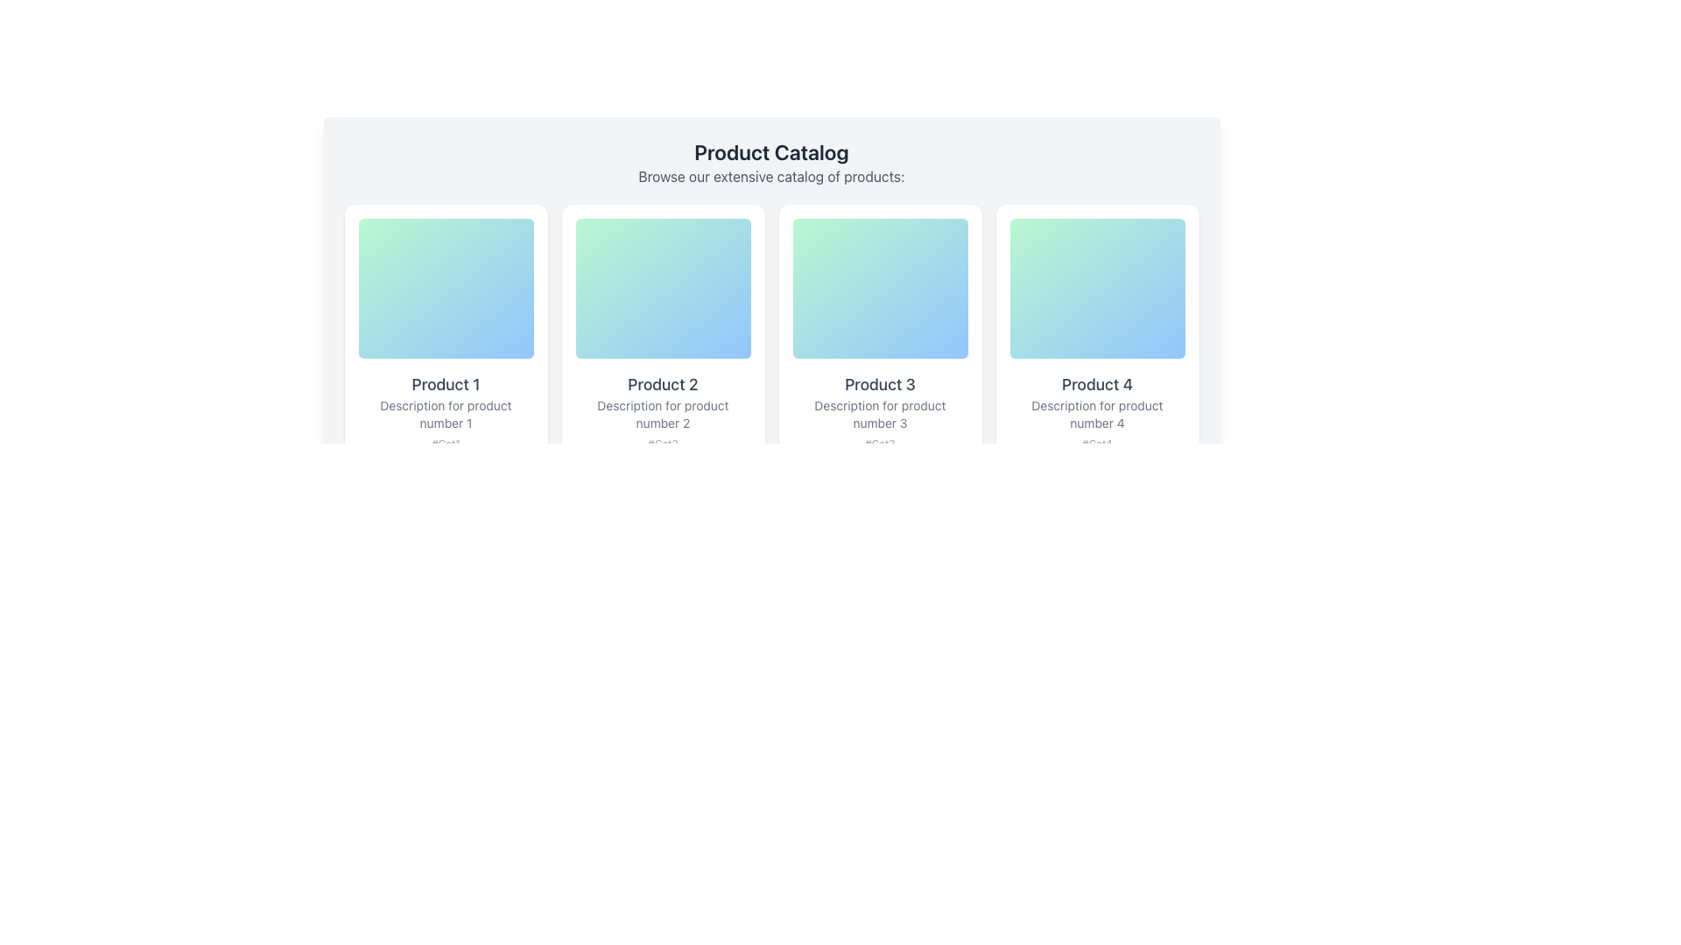  Describe the element at coordinates (880, 288) in the screenshot. I see `the decorative graphic element for 'Product 3', which is centrally located above the product's textual information` at that location.